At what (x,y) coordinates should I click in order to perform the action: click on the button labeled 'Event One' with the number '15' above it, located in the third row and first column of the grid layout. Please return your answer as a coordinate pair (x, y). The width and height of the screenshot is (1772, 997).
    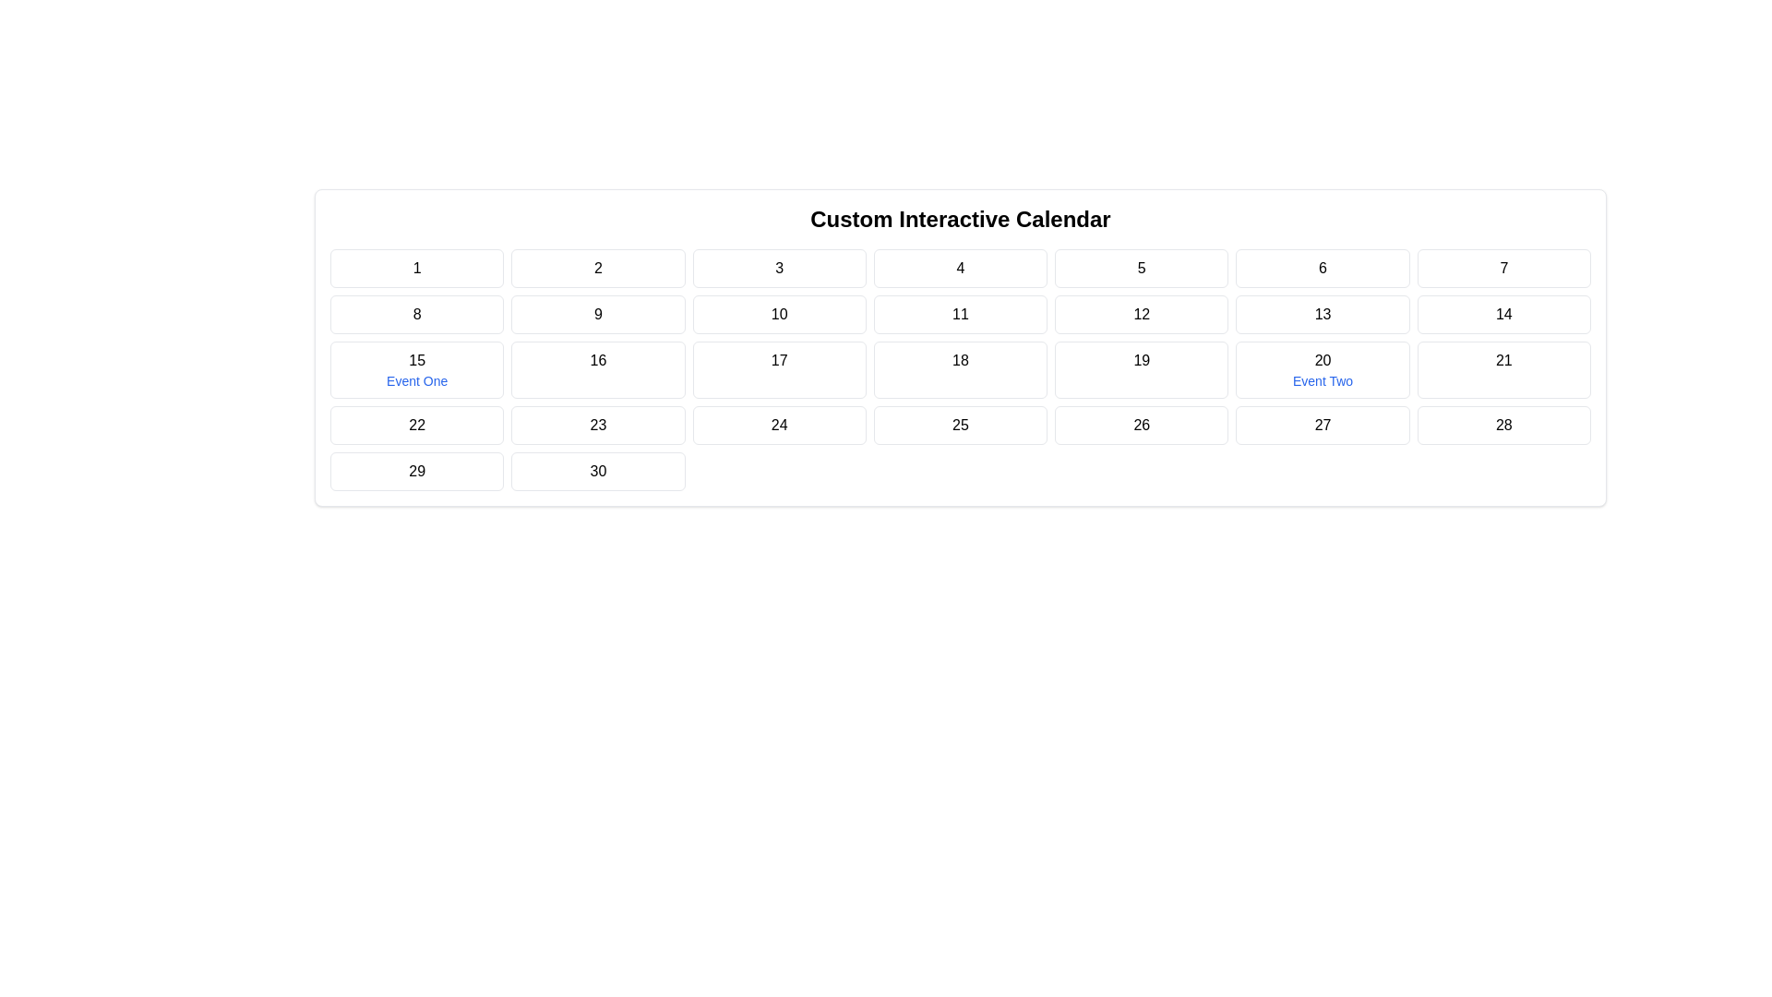
    Looking at the image, I should click on (416, 370).